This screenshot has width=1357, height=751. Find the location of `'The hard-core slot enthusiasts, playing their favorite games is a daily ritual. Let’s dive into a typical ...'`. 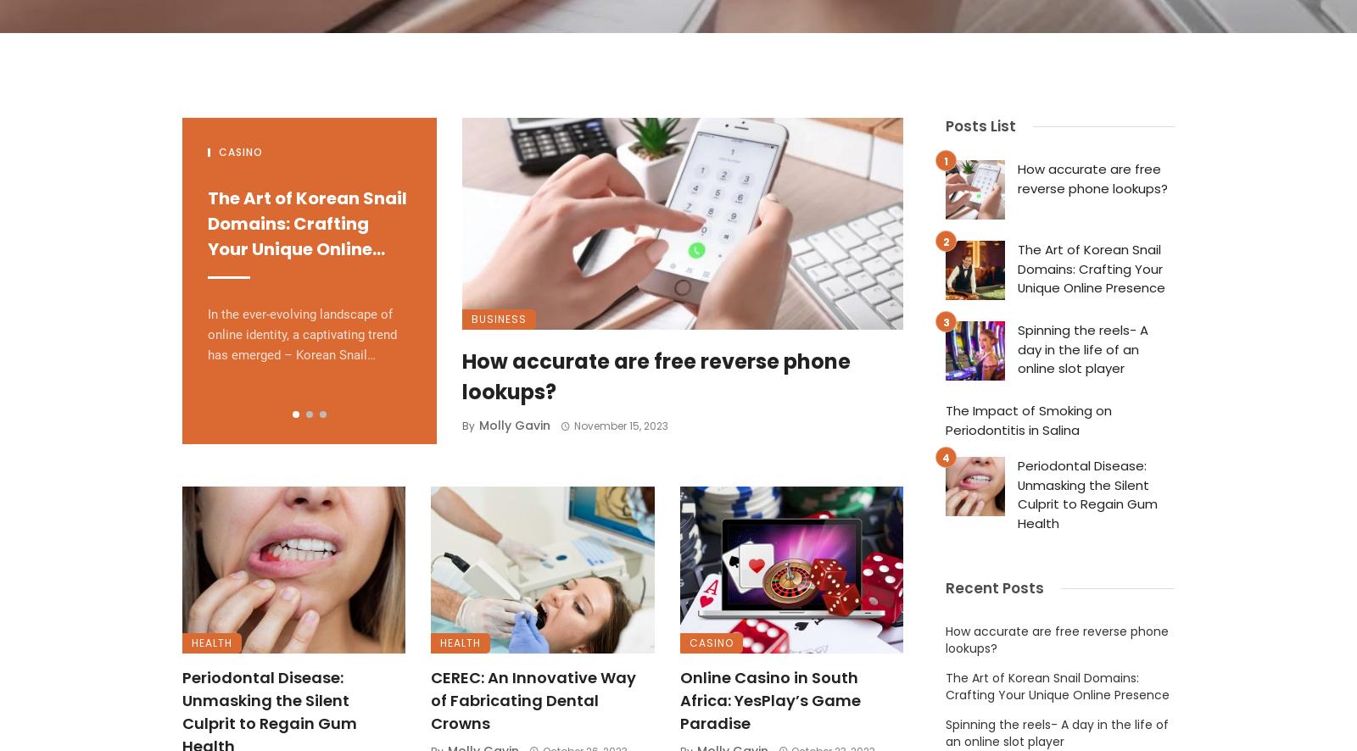

'The hard-core slot enthusiasts, playing their favorite games is a daily ritual. Let’s dive into a typical ...' is located at coordinates (461, 342).